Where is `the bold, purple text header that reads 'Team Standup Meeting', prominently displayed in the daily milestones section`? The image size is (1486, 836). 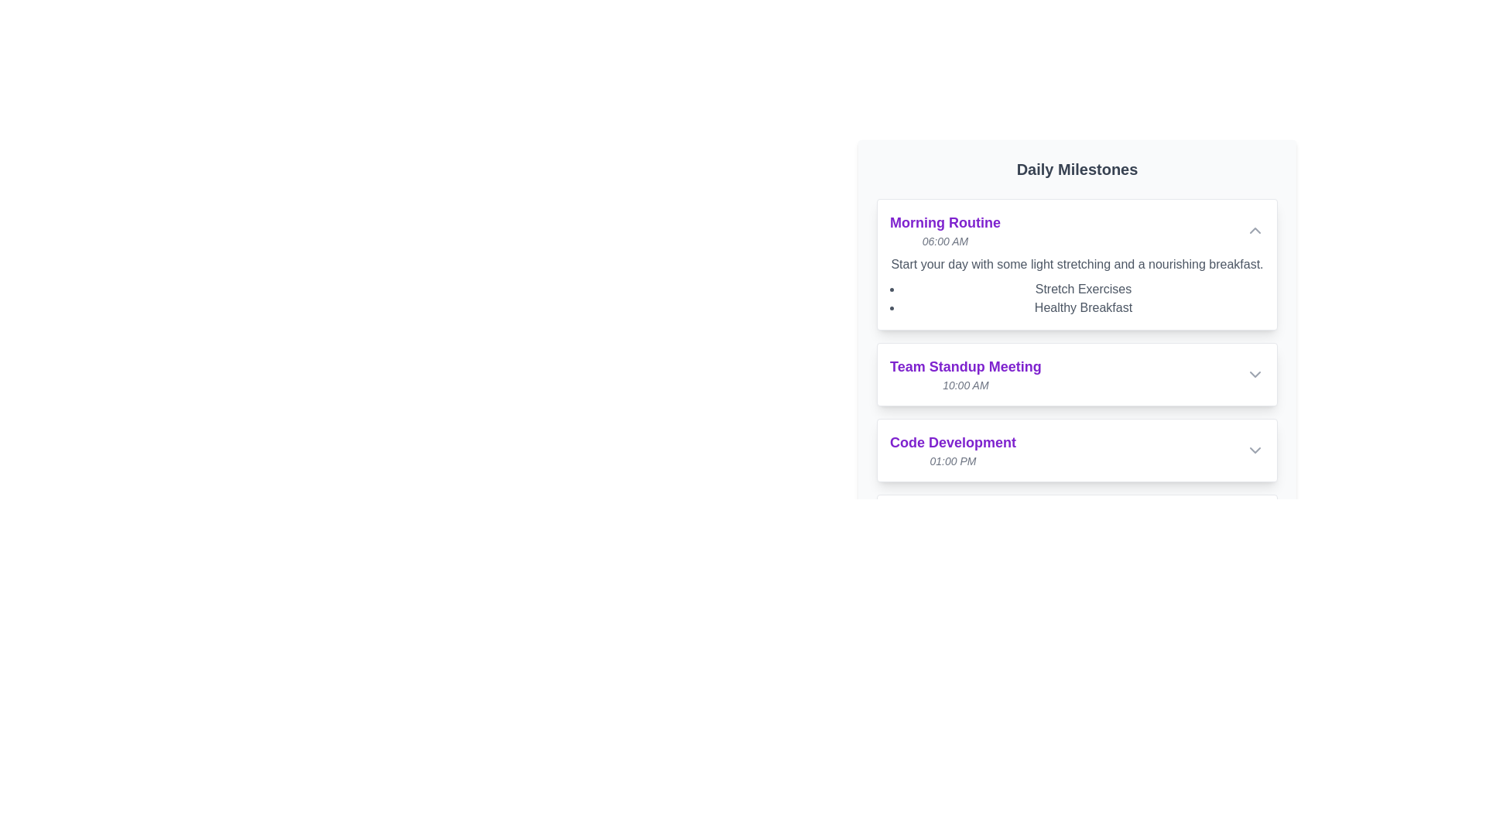
the bold, purple text header that reads 'Team Standup Meeting', prominently displayed in the daily milestones section is located at coordinates (964, 367).